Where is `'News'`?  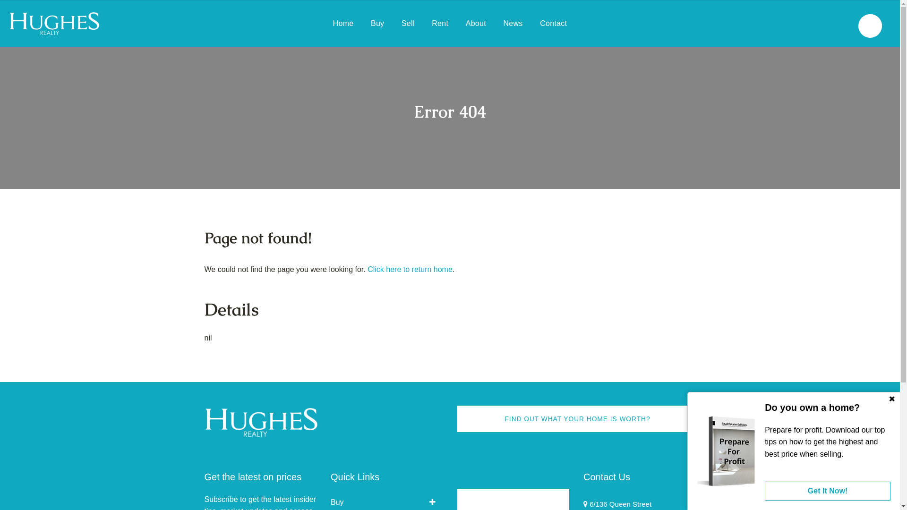 'News' is located at coordinates (503, 23).